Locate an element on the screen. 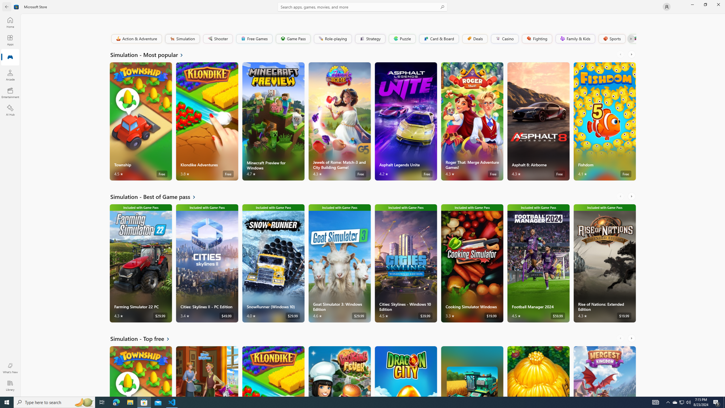  'Dragon City. Average rating of 4.5 out of five stars. Free  ' is located at coordinates (405, 371).